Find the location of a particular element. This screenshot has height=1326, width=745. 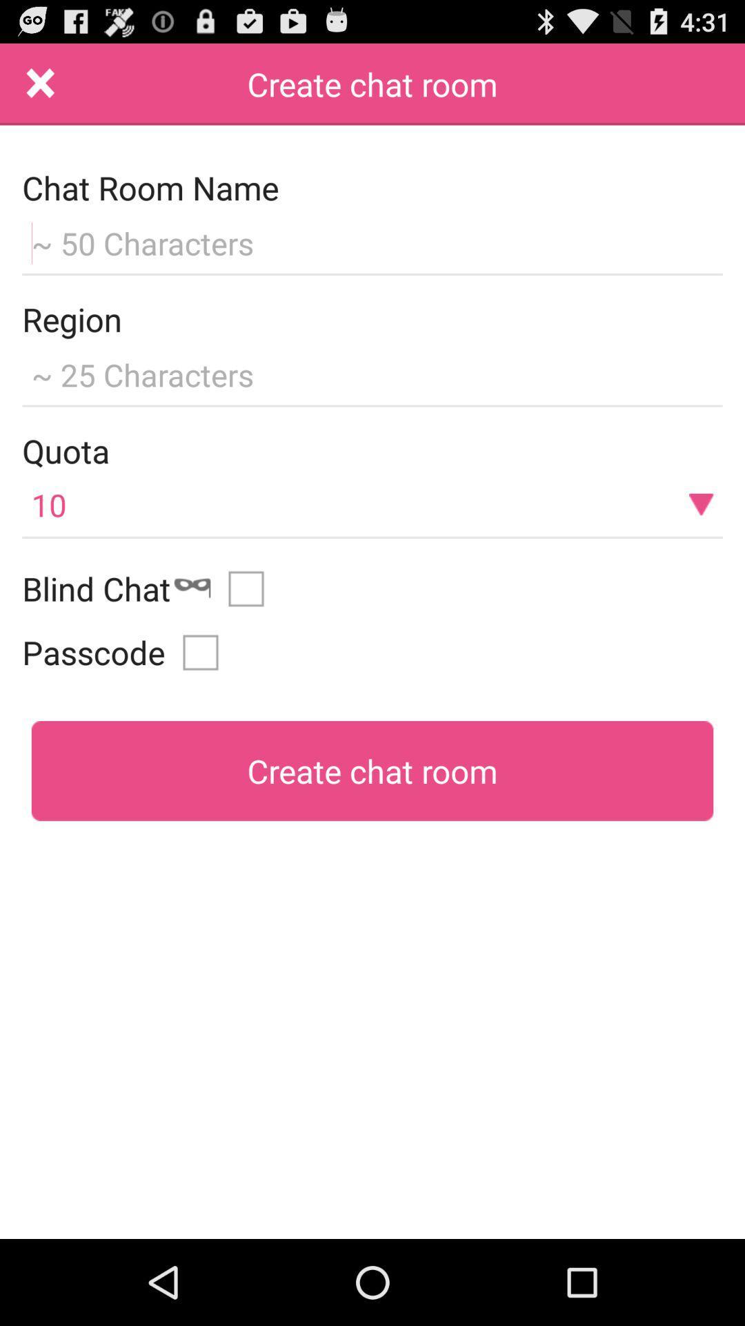

the item above chat room name is located at coordinates (40, 84).